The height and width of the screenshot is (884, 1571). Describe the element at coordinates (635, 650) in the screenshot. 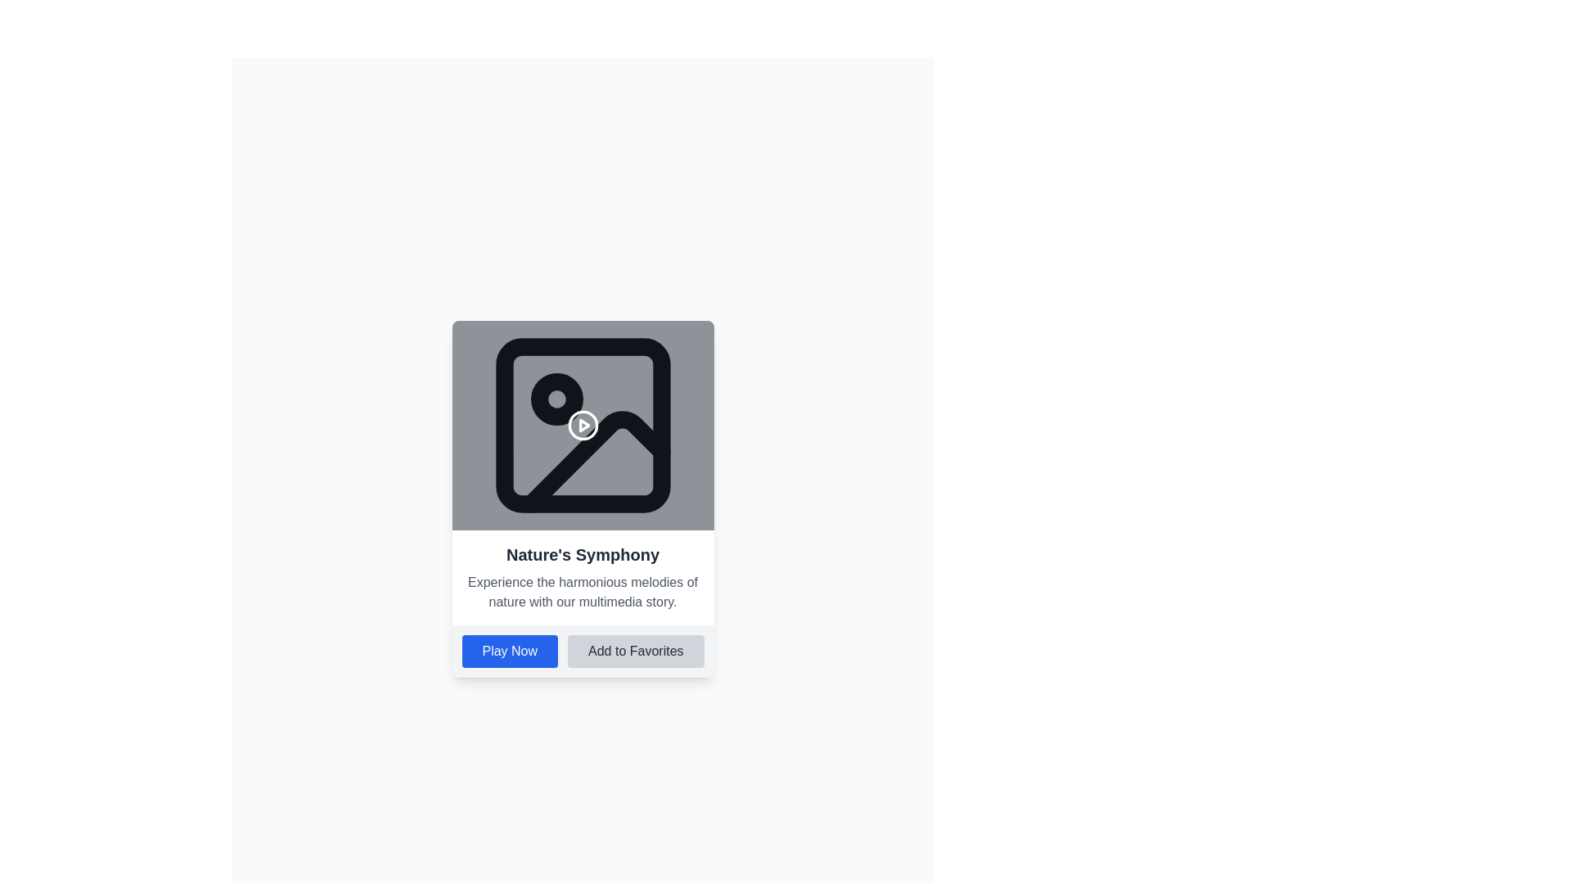

I see `the button that allows the user to add the associated item to their favorites list, positioned to the right of the 'Play Now' button at the bottom of the card component` at that location.